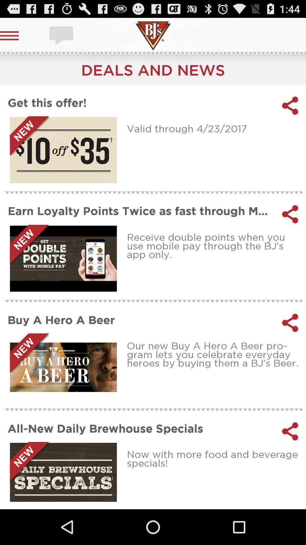  What do you see at coordinates (214, 128) in the screenshot?
I see `the valid through 4 app` at bounding box center [214, 128].